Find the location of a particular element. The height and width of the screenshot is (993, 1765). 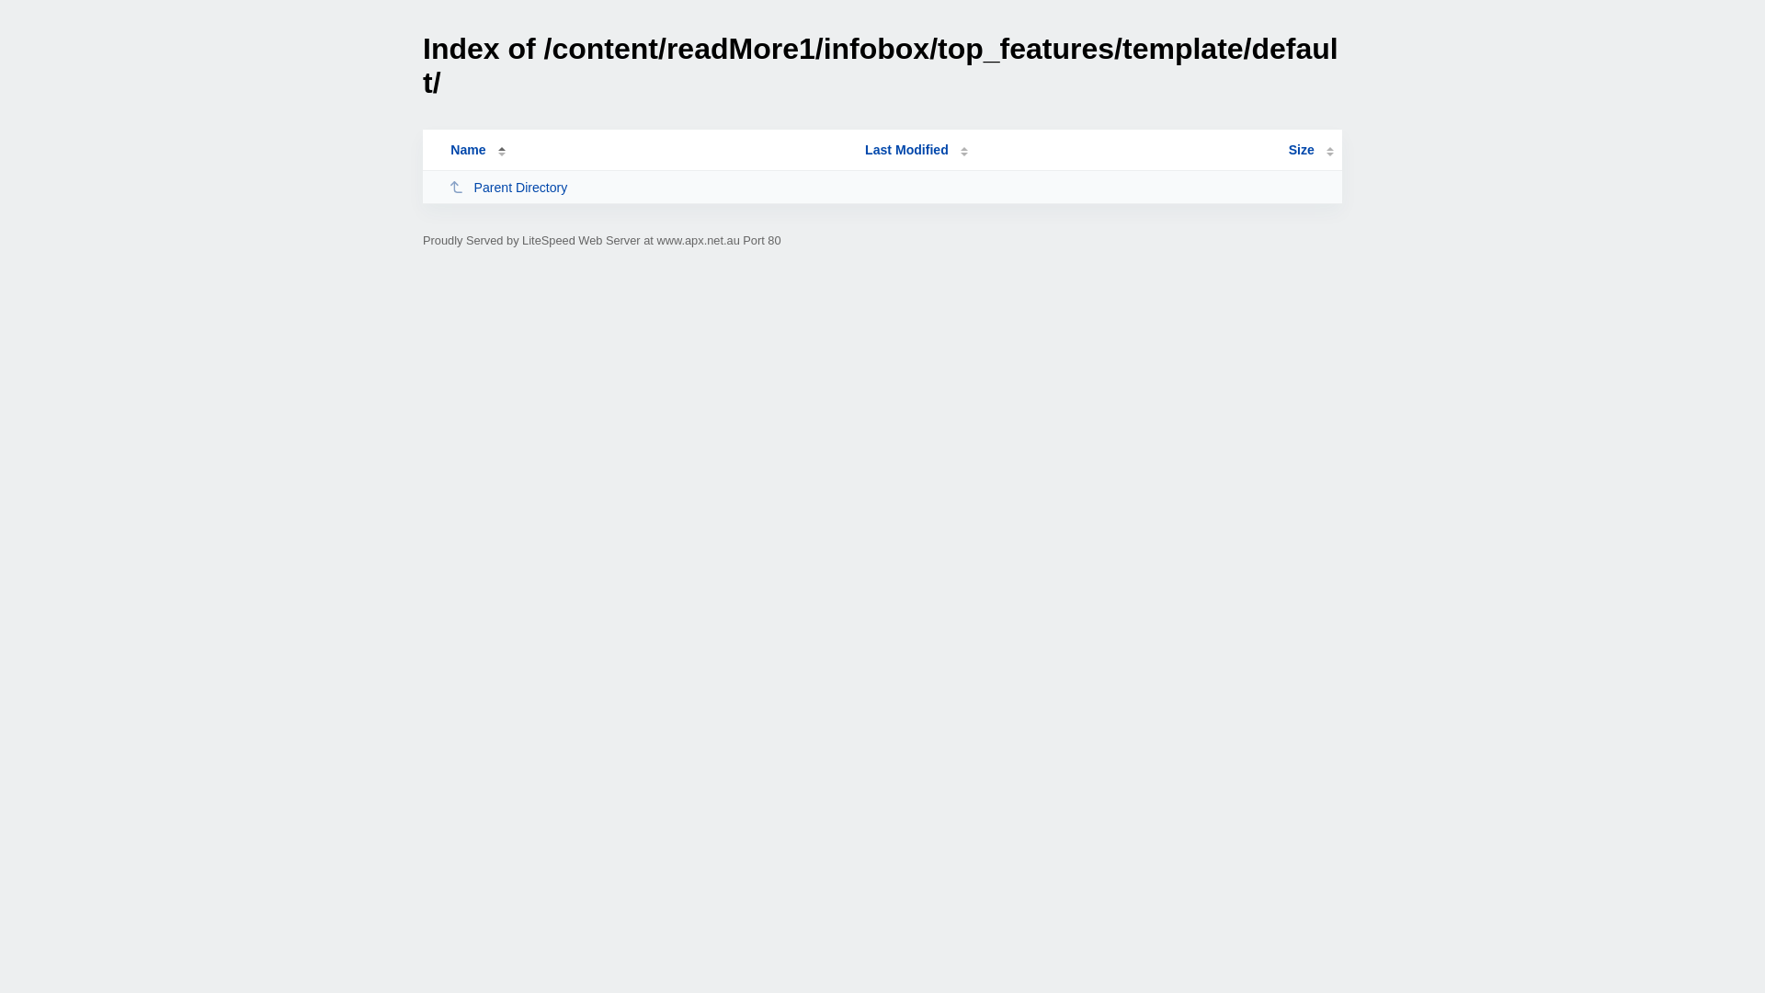

'Parent Directory' is located at coordinates (449, 187).